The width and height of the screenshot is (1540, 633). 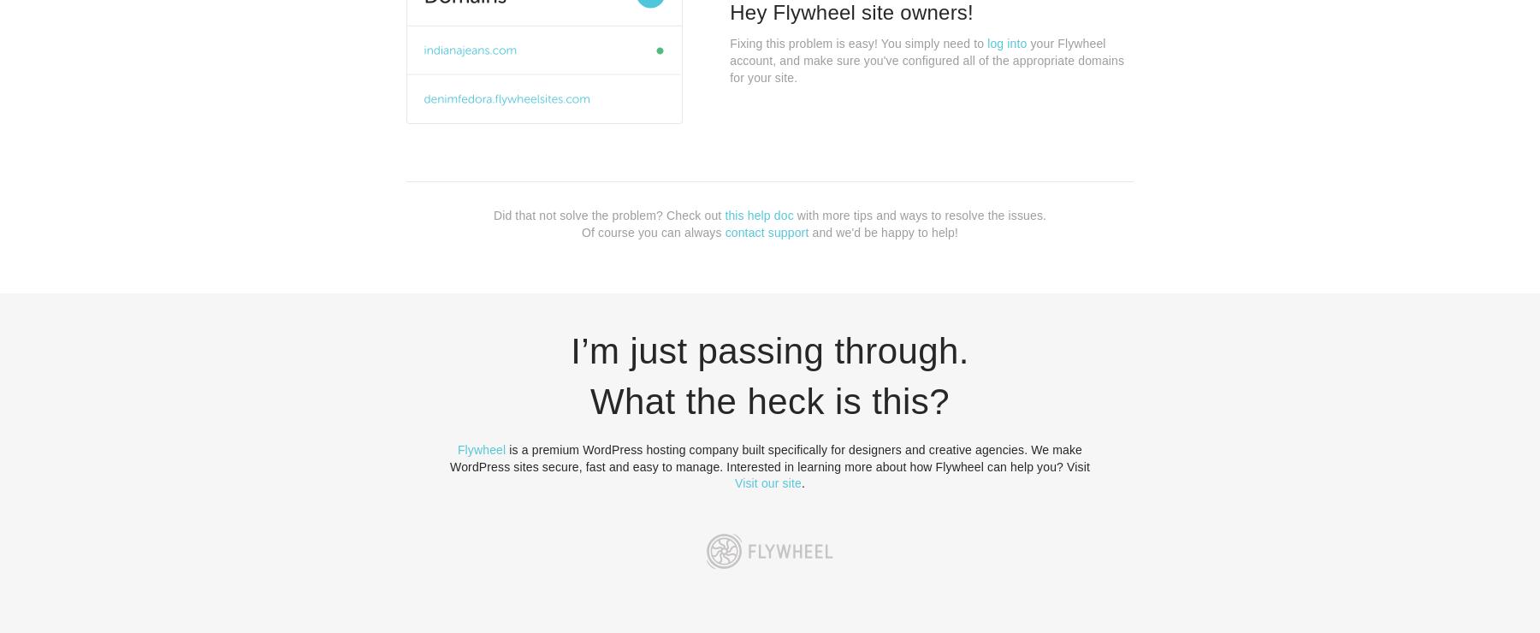 I want to click on 'contact support', so click(x=767, y=230).